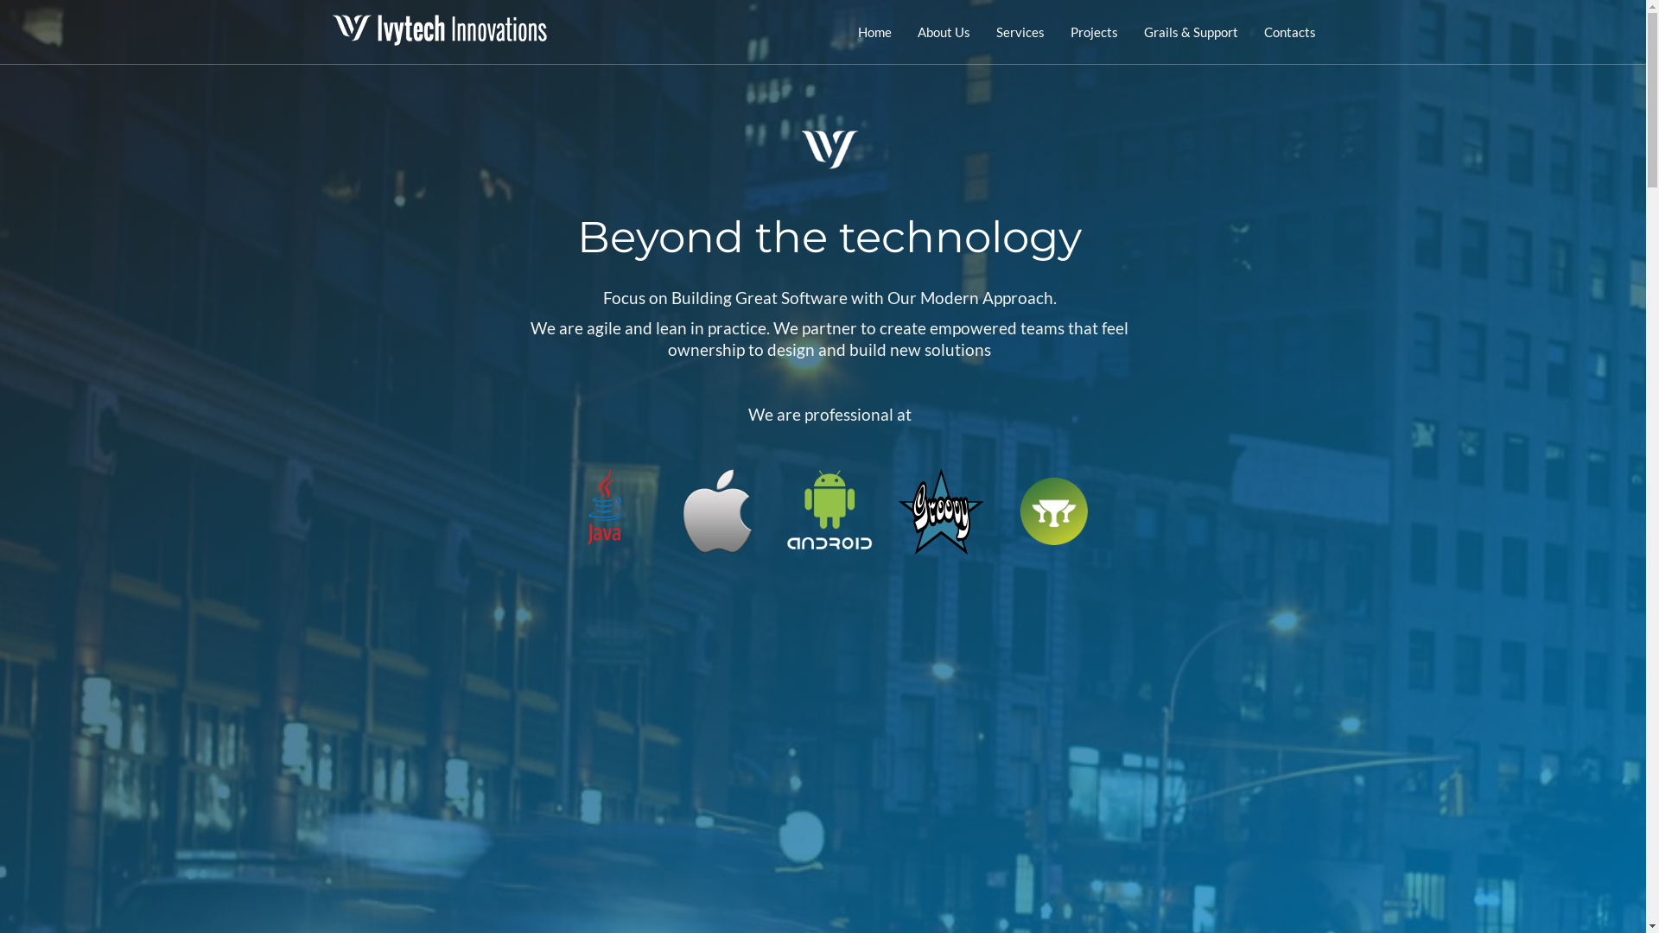 This screenshot has width=1659, height=933. What do you see at coordinates (1289, 32) in the screenshot?
I see `'Contacts'` at bounding box center [1289, 32].